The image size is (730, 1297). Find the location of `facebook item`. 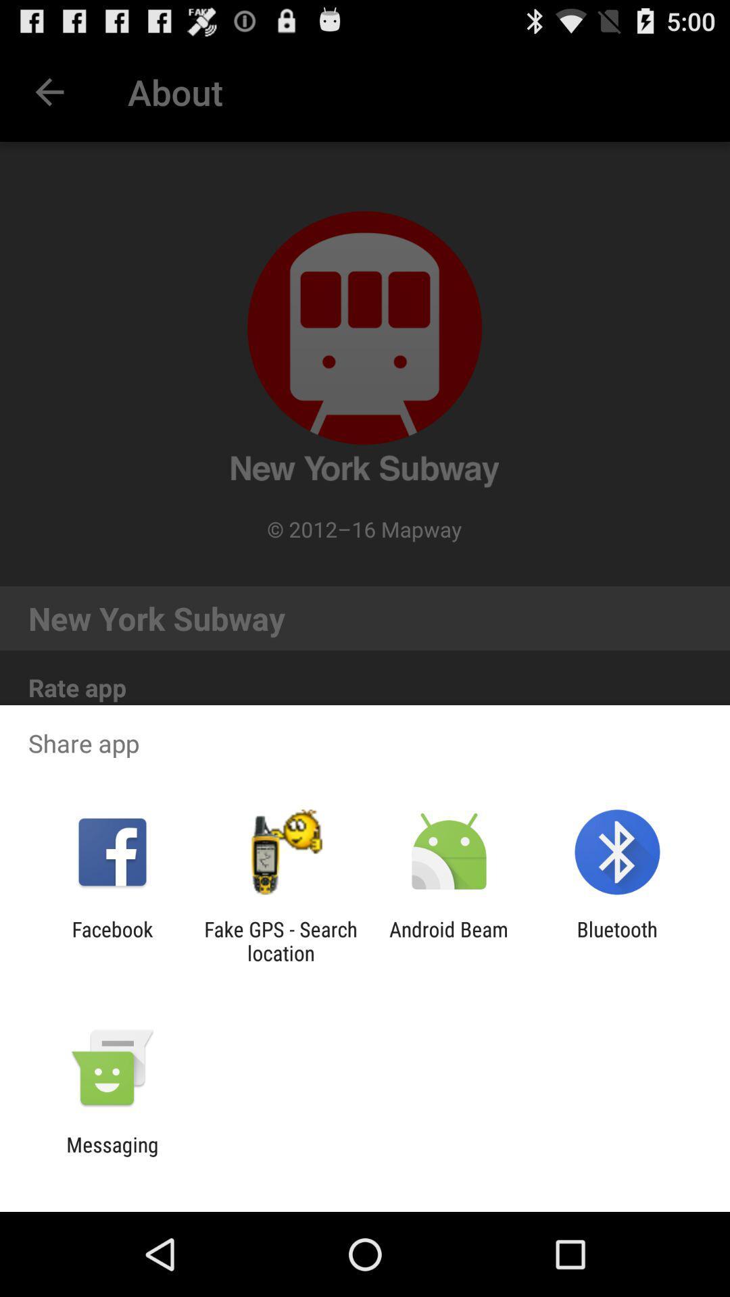

facebook item is located at coordinates (112, 940).